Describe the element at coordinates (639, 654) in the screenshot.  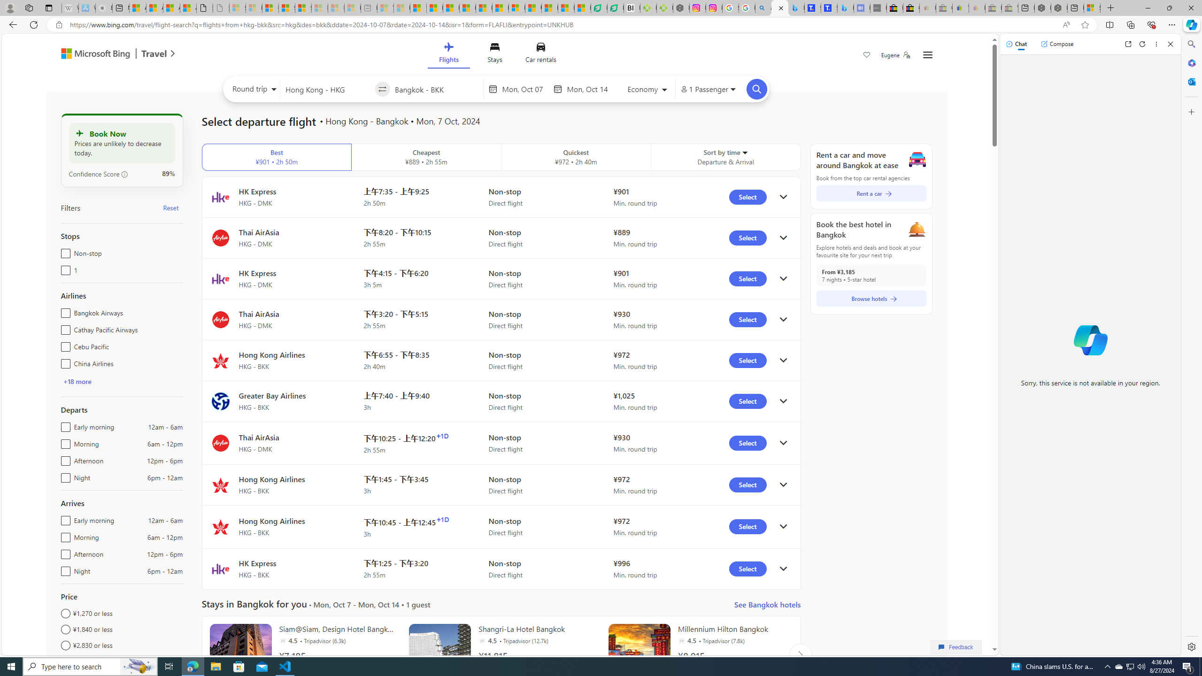
I see `'hotel card image'` at that location.